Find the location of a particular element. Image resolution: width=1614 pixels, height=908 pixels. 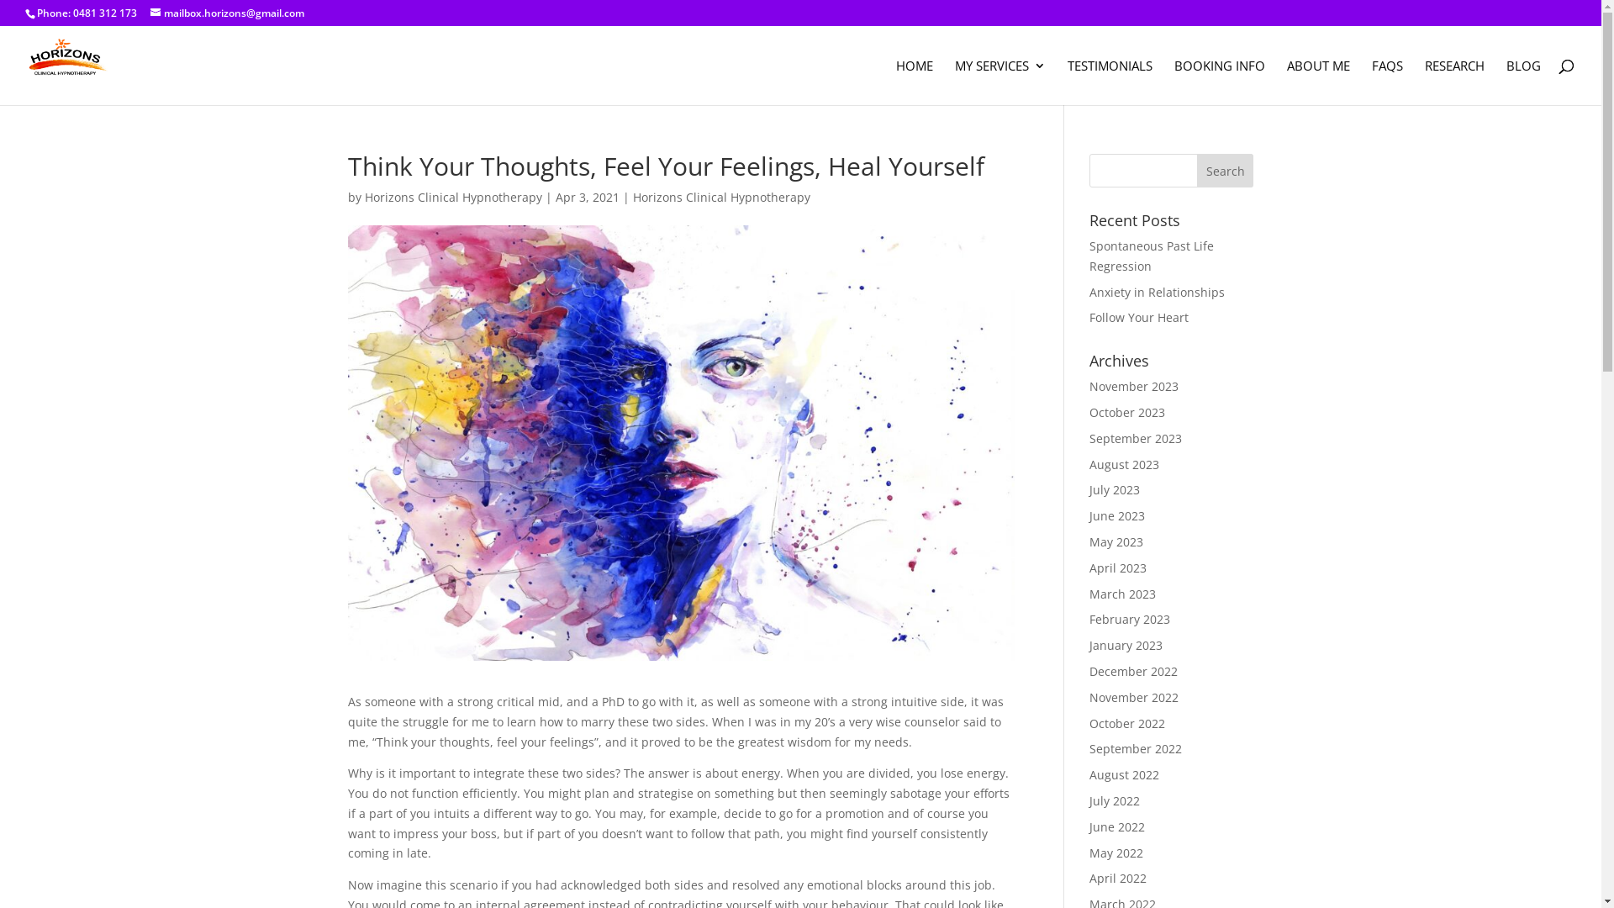

'May 2022' is located at coordinates (1116, 853).